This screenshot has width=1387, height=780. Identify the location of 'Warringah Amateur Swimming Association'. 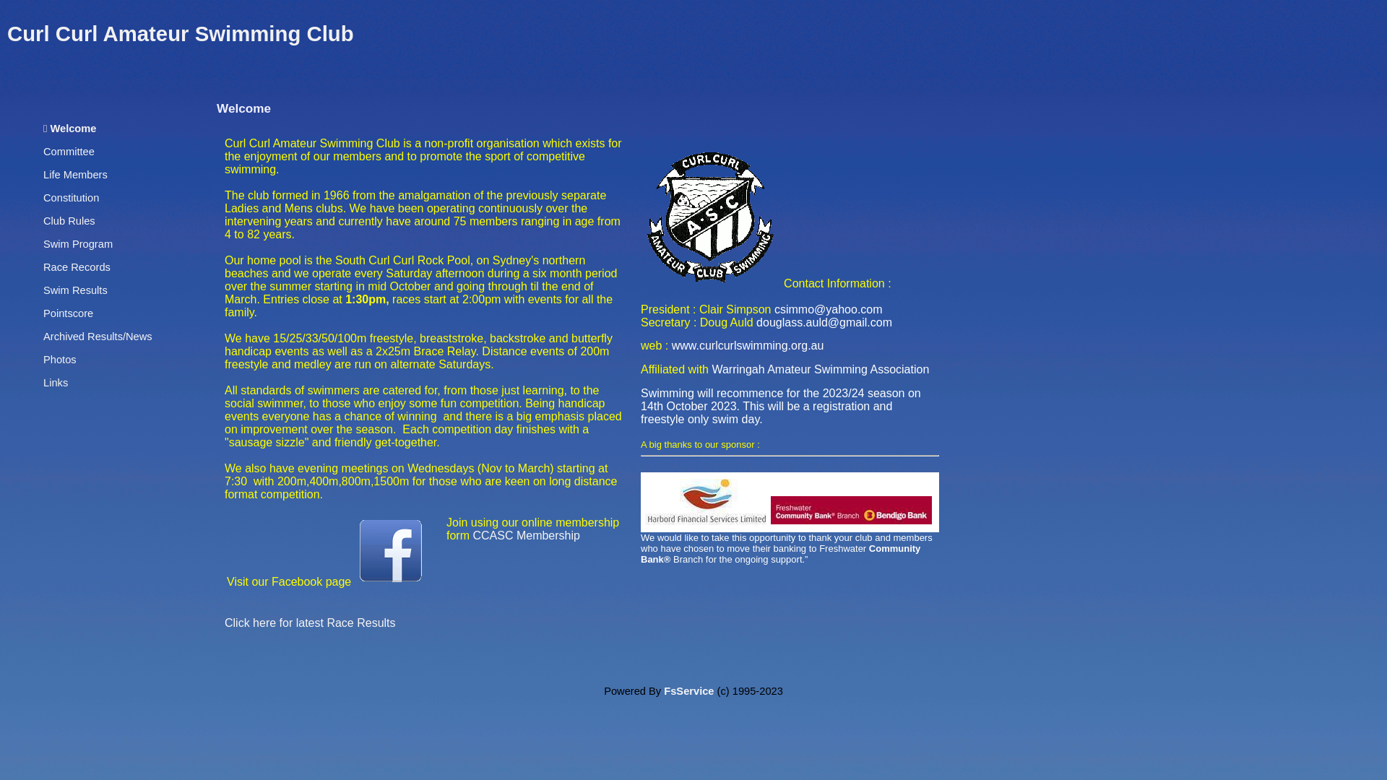
(820, 368).